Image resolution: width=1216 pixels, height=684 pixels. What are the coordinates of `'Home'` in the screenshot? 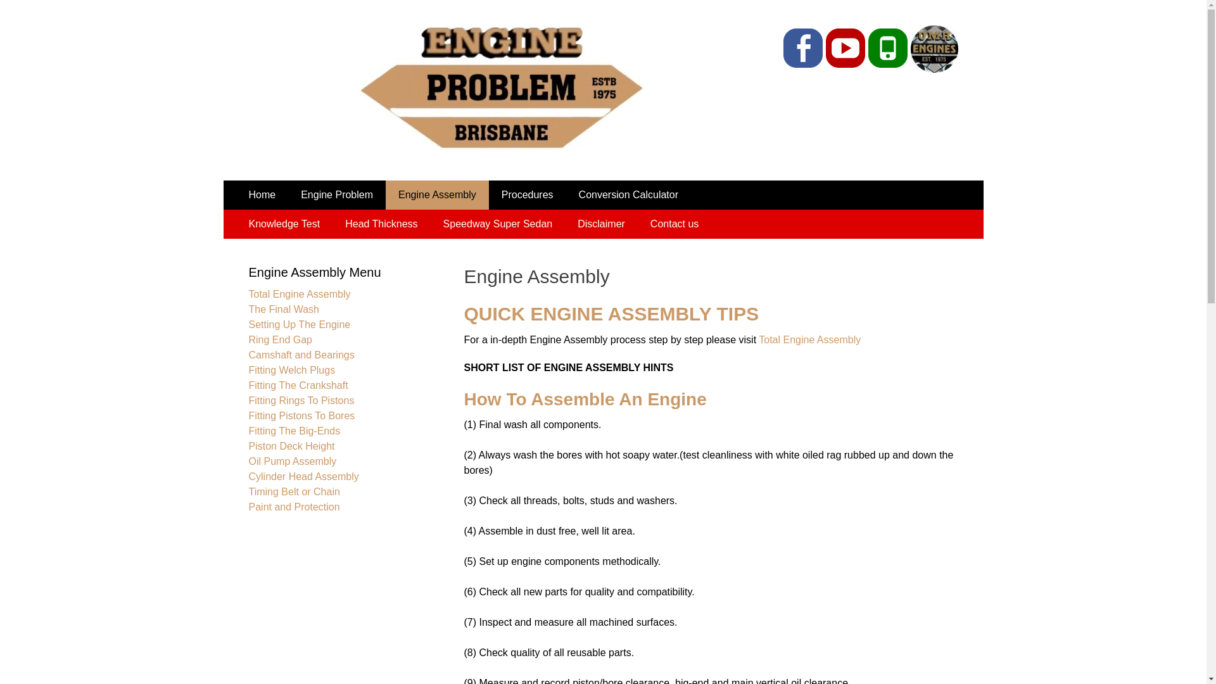 It's located at (261, 195).